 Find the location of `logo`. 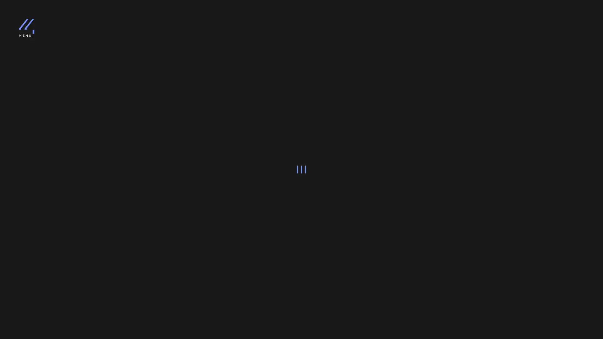

logo is located at coordinates (26, 26).